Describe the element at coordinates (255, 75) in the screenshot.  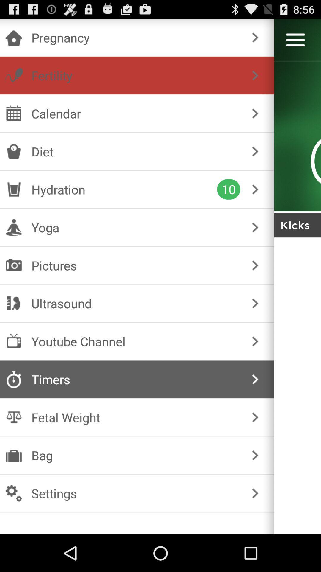
I see `arrow icon beside the text fertility` at that location.